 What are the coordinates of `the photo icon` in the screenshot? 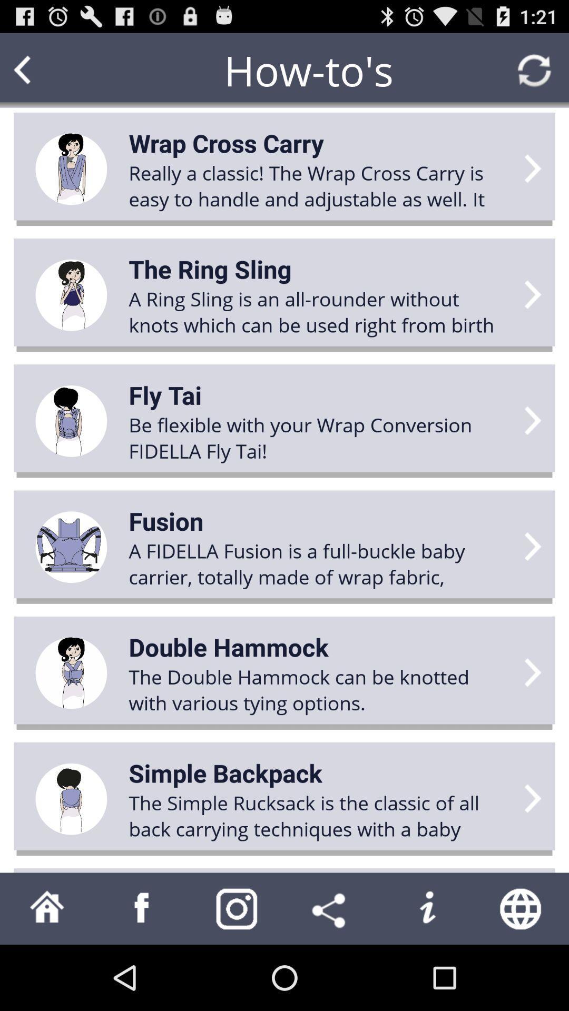 It's located at (237, 972).